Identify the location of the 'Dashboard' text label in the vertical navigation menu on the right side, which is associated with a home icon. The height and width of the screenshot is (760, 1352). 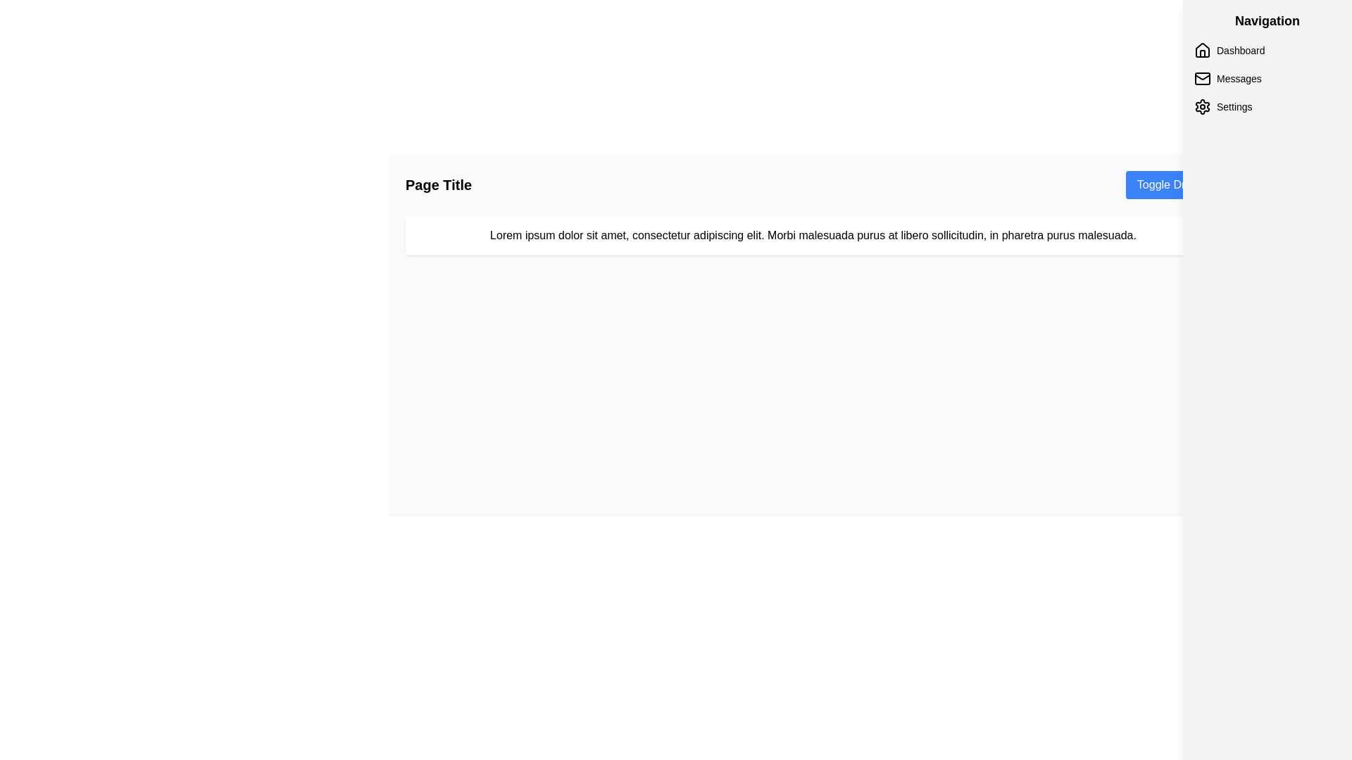
(1241, 50).